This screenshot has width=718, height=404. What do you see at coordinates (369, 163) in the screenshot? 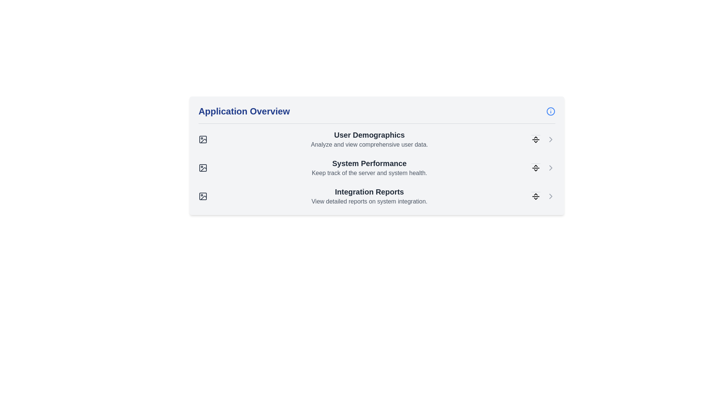
I see `the text element reading 'System Performance', which is styled with a bold, extra-large font and dark gray color, located in the second row of the sections under 'Application Overview'` at bounding box center [369, 163].